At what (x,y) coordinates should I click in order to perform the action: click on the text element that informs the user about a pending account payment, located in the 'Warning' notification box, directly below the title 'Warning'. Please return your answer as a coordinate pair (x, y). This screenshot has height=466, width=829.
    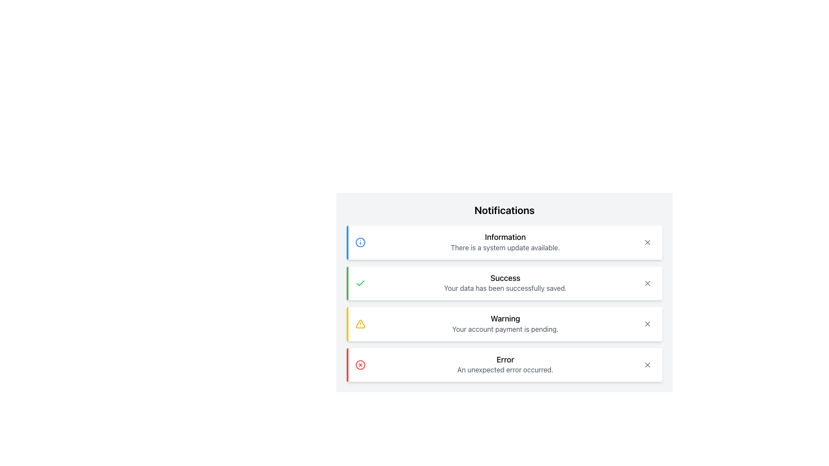
    Looking at the image, I should click on (505, 329).